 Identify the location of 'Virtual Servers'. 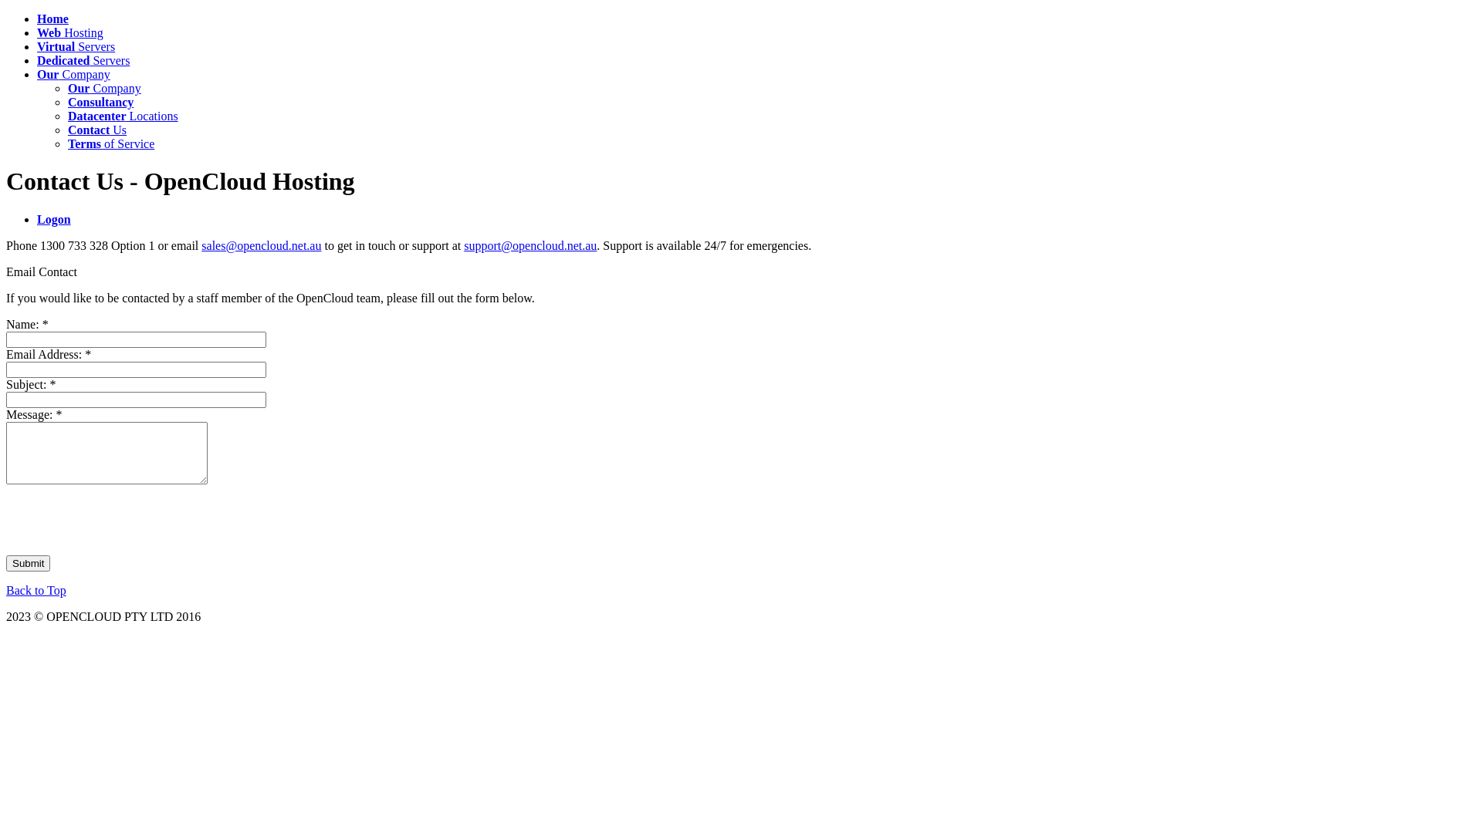
(75, 46).